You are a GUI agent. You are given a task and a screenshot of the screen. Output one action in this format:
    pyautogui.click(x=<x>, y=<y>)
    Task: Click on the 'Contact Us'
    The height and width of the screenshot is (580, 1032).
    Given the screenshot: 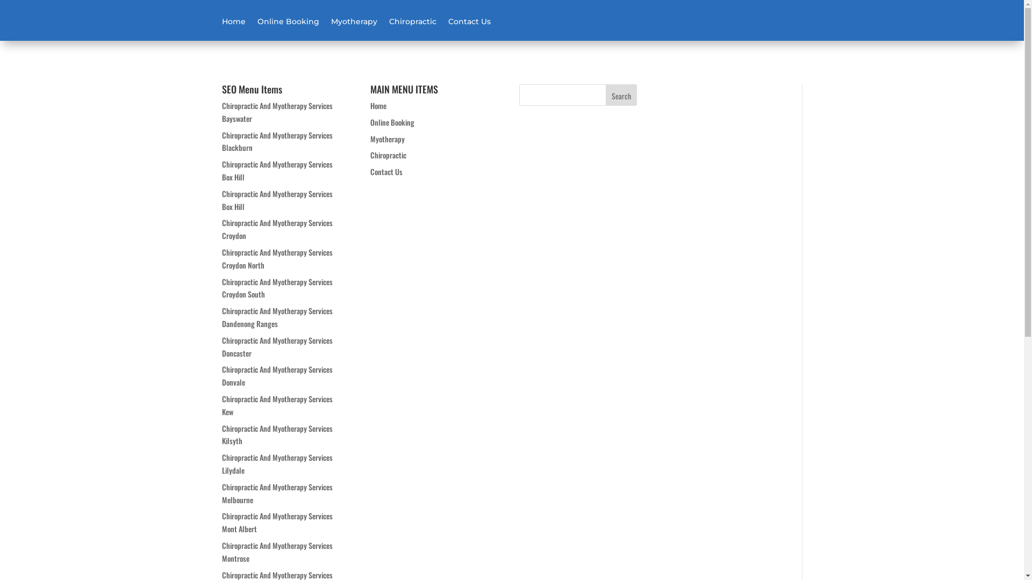 What is the action you would take?
    pyautogui.click(x=386, y=171)
    